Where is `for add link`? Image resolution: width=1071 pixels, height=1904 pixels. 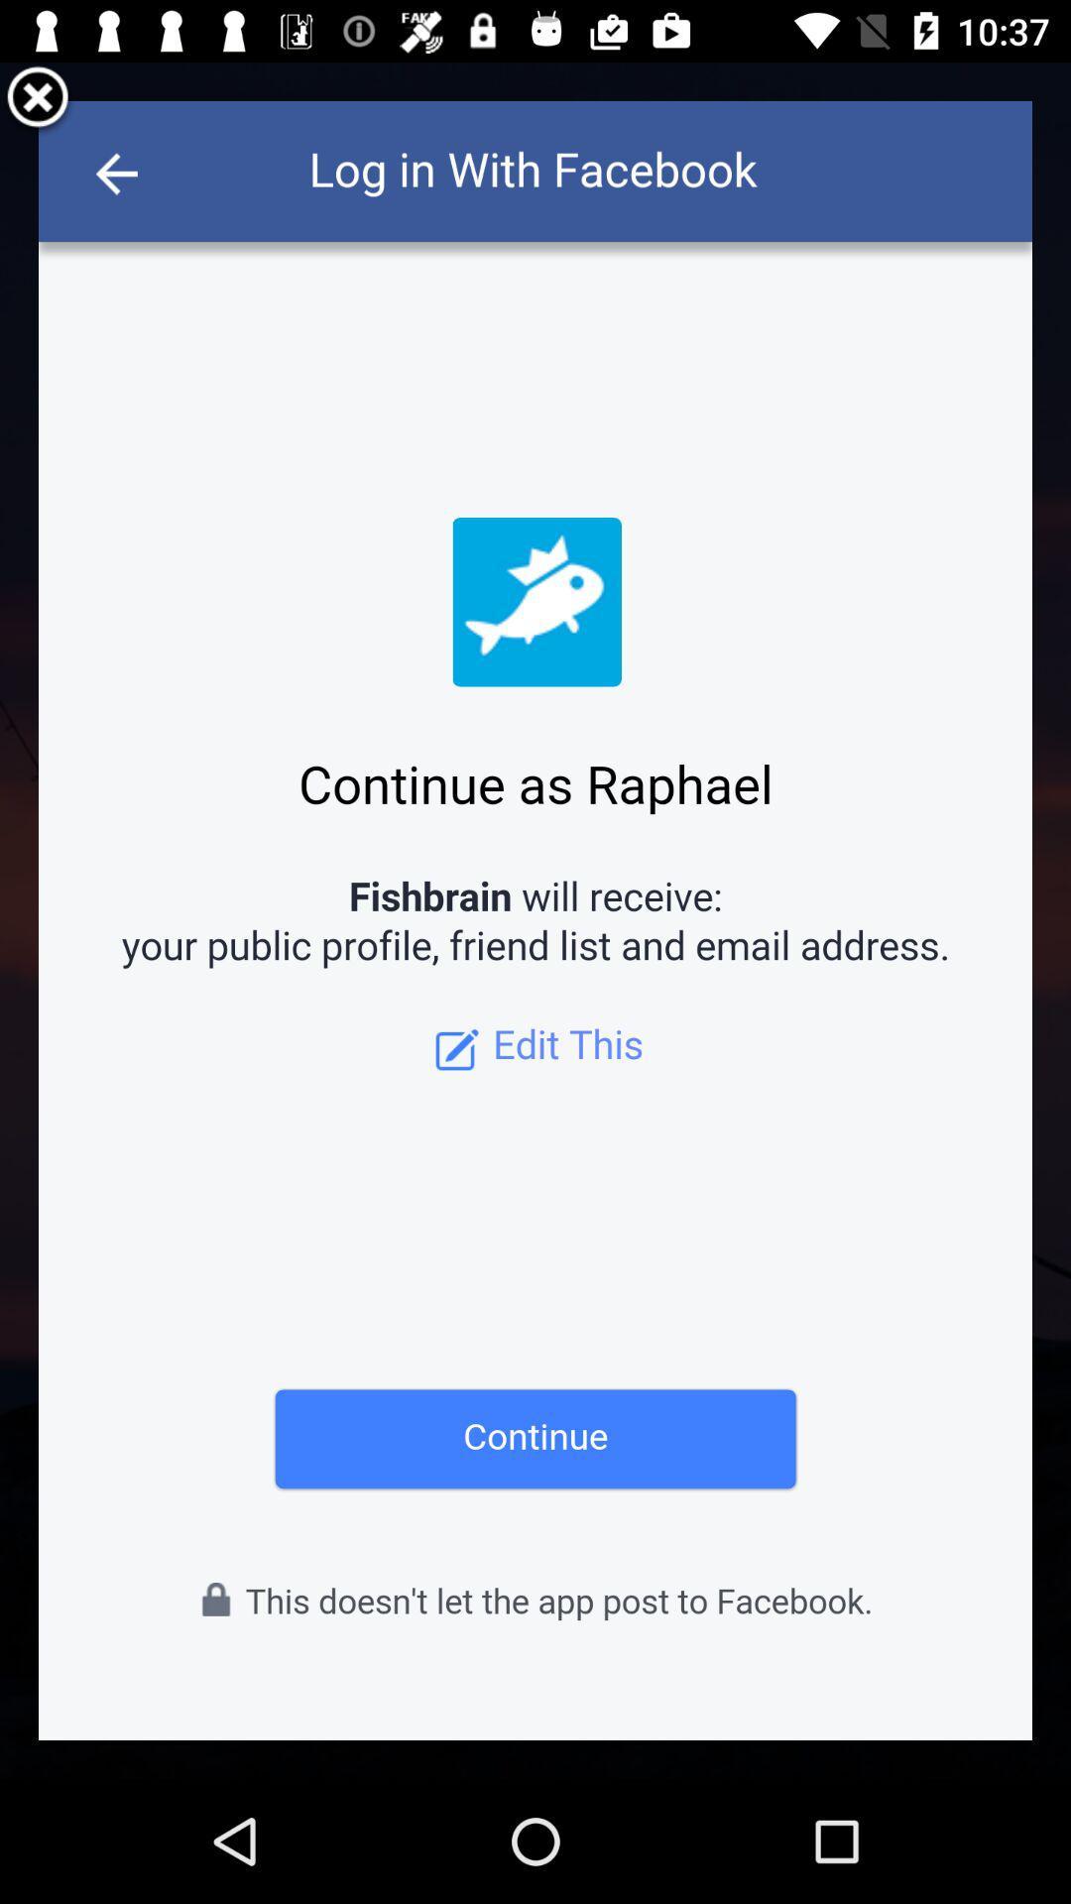 for add link is located at coordinates (535, 919).